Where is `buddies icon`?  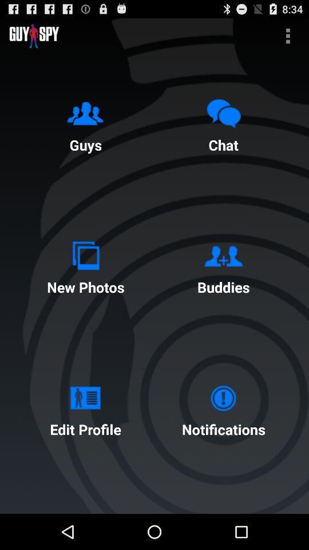
buddies icon is located at coordinates (223, 265).